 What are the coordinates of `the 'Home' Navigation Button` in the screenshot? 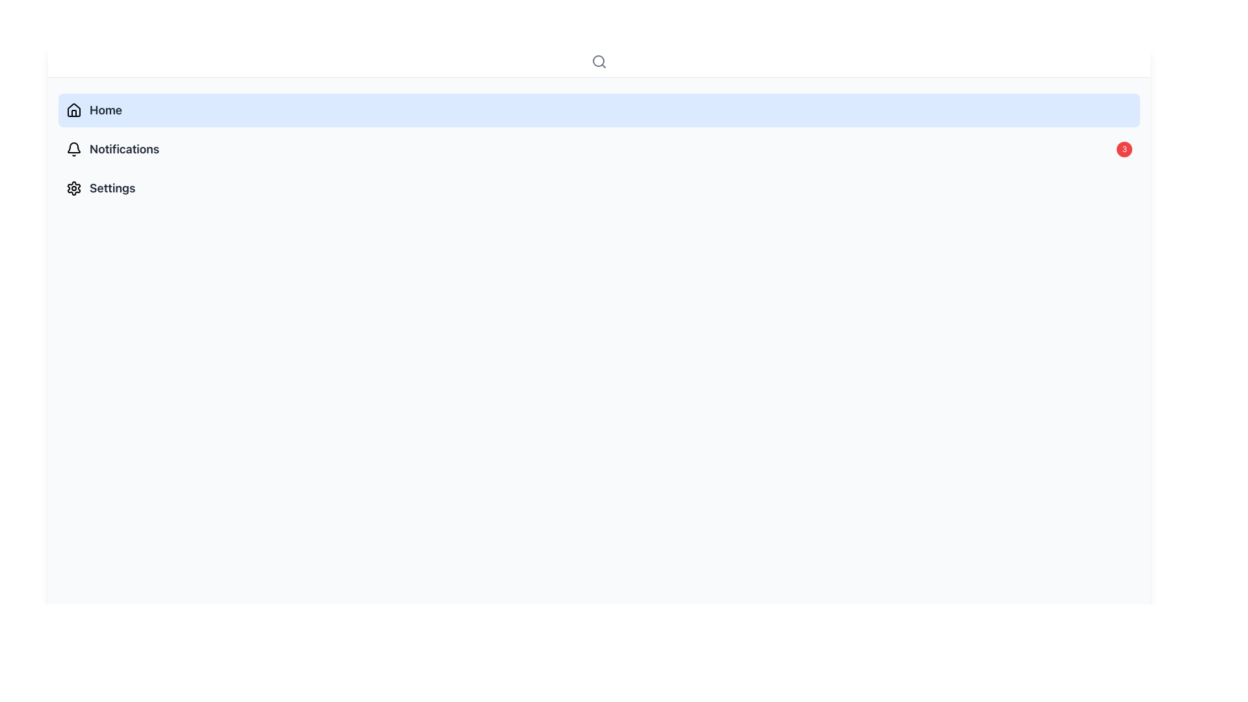 It's located at (598, 109).